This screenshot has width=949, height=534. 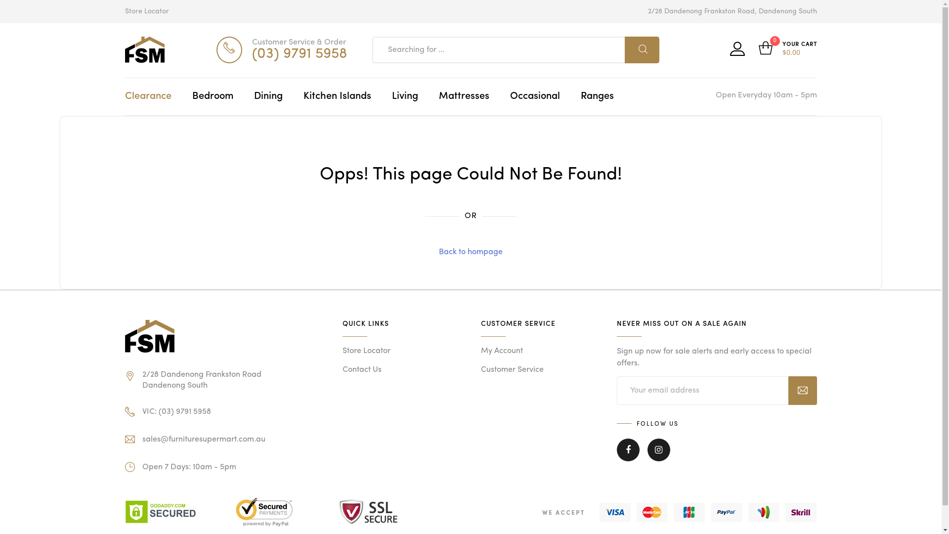 What do you see at coordinates (628, 457) in the screenshot?
I see `'Facebook'` at bounding box center [628, 457].